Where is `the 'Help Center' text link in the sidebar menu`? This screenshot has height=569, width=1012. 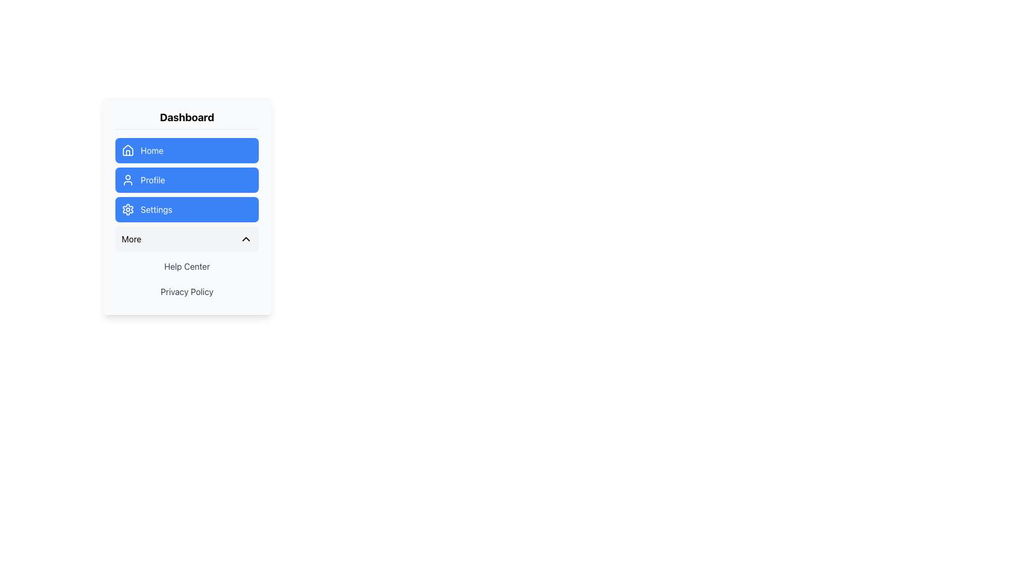 the 'Help Center' text link in the sidebar menu is located at coordinates (187, 266).